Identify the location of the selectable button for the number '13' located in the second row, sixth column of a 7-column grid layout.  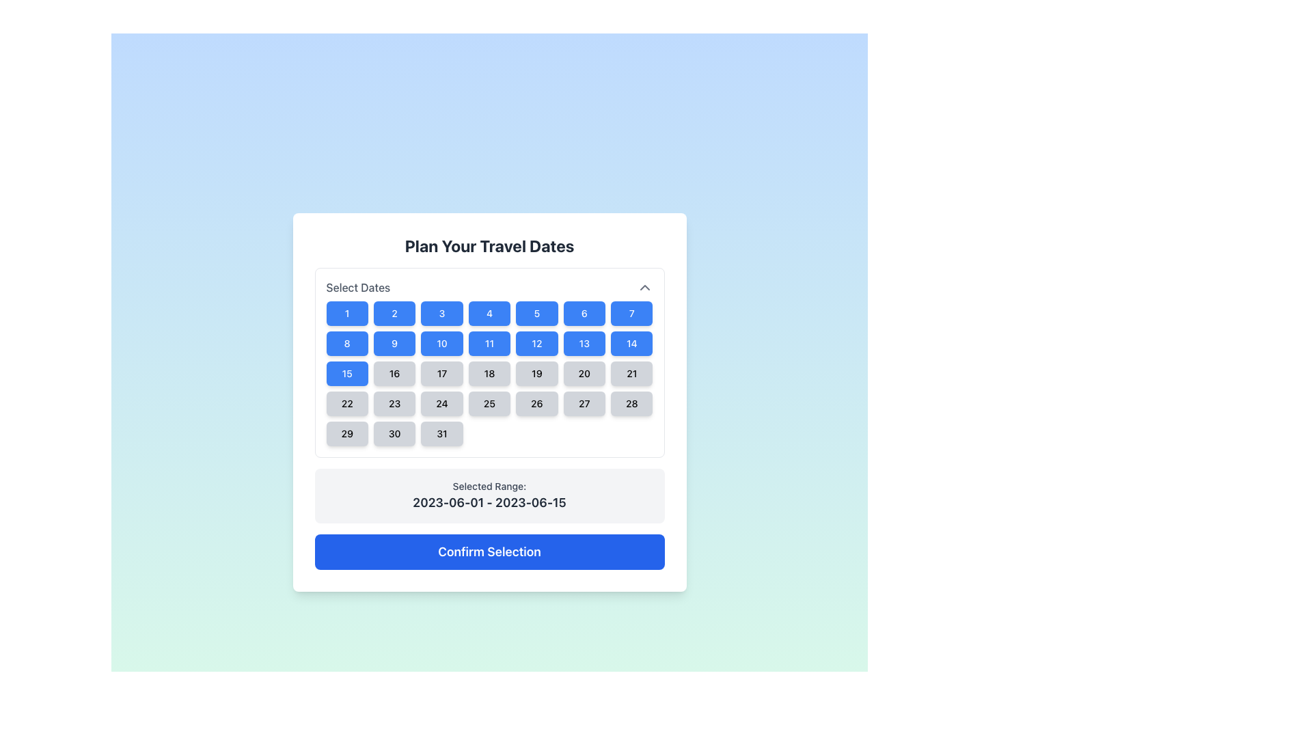
(584, 342).